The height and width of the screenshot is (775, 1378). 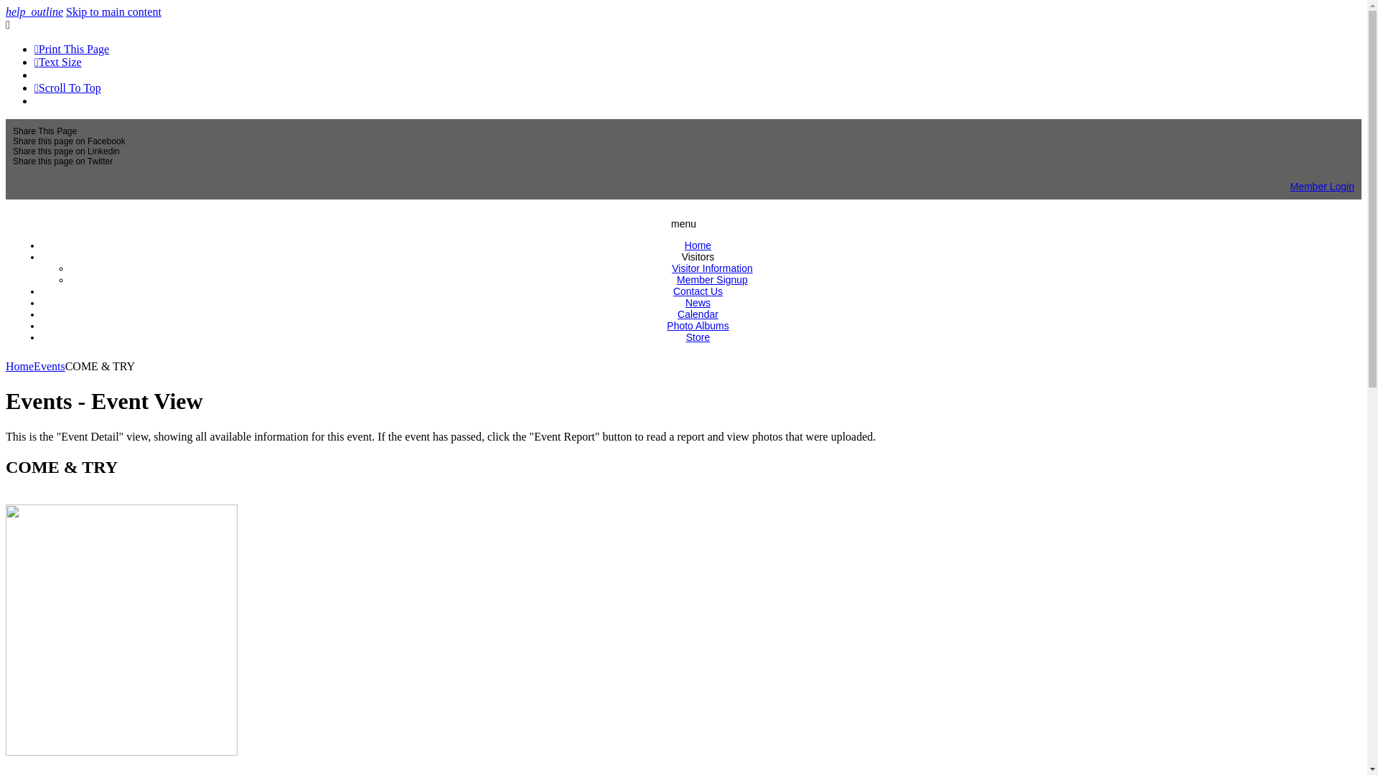 I want to click on 'Home', so click(x=19, y=365).